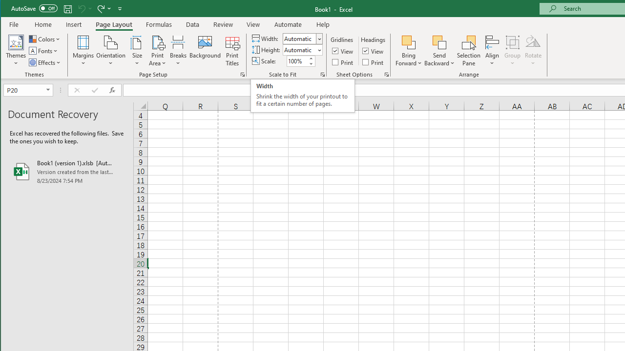  Describe the element at coordinates (231, 51) in the screenshot. I see `'Print Titles'` at that location.